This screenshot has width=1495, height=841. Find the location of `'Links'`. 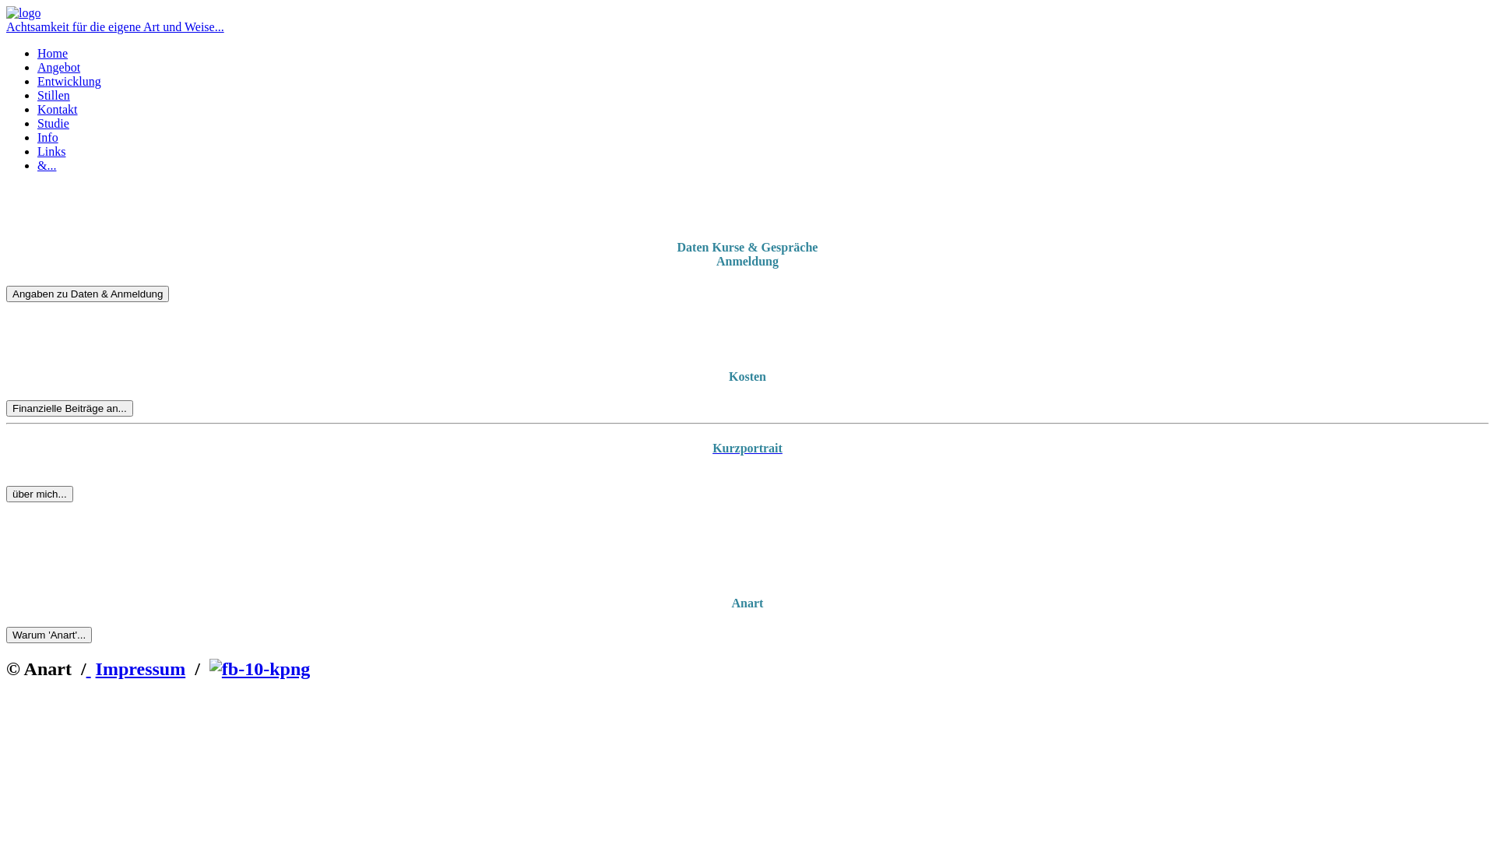

'Links' is located at coordinates (51, 151).